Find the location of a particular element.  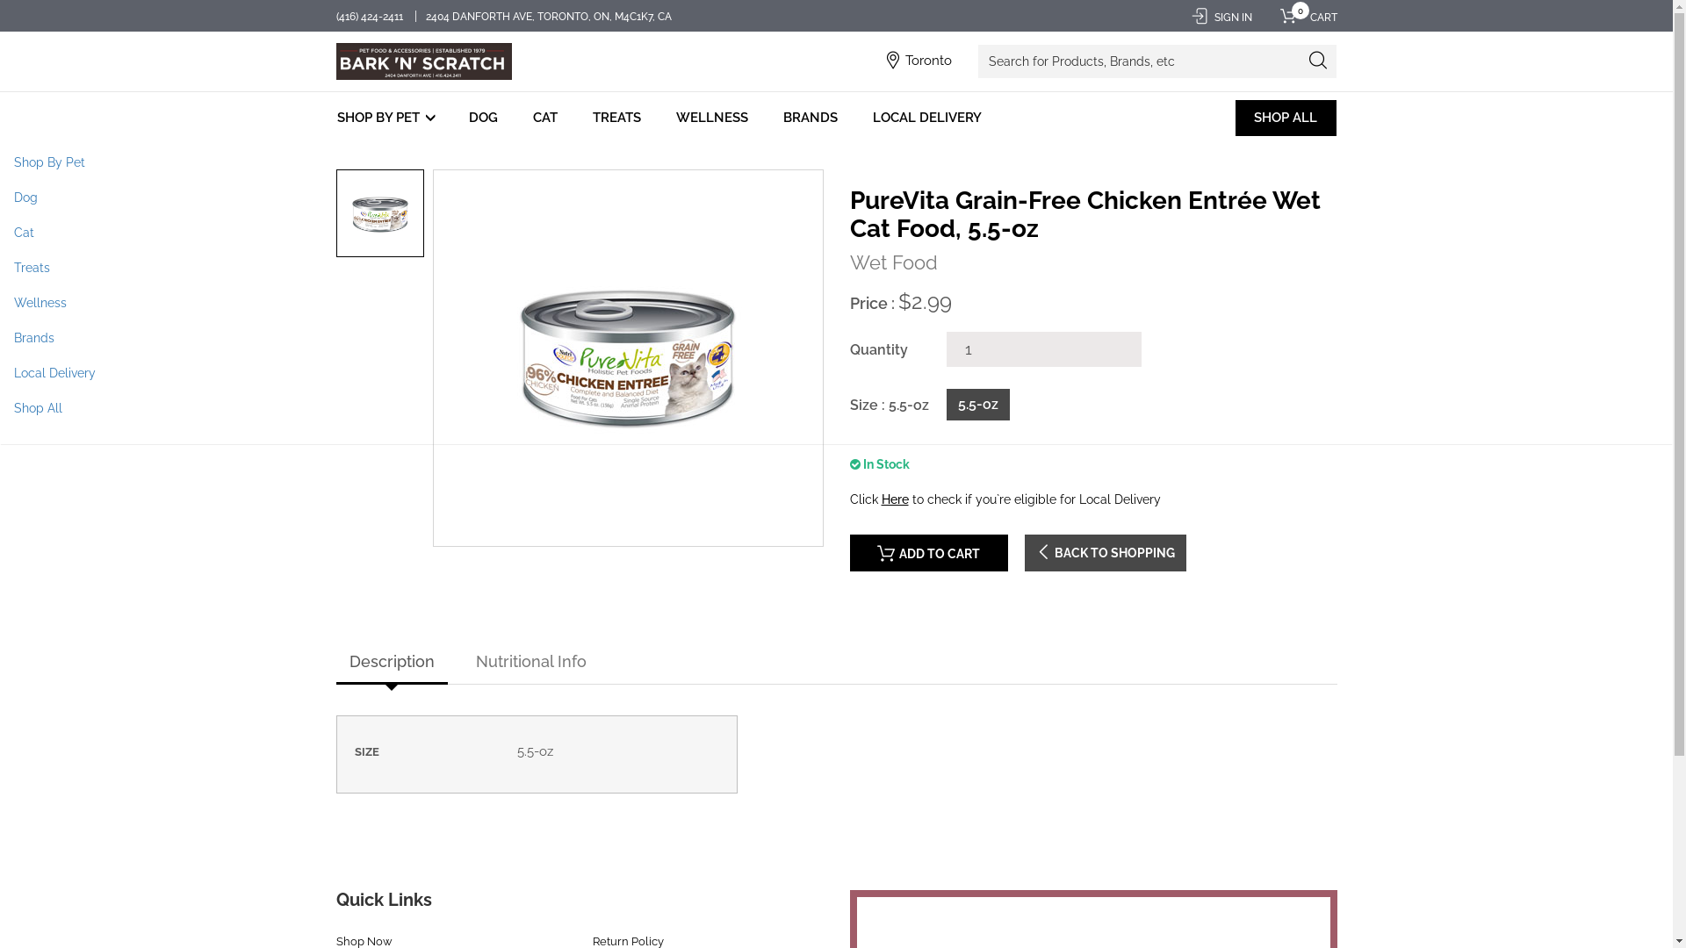

'2404 DANFORTH AVE, TORONTO, ON, M4C1K7, CA' is located at coordinates (548, 17).